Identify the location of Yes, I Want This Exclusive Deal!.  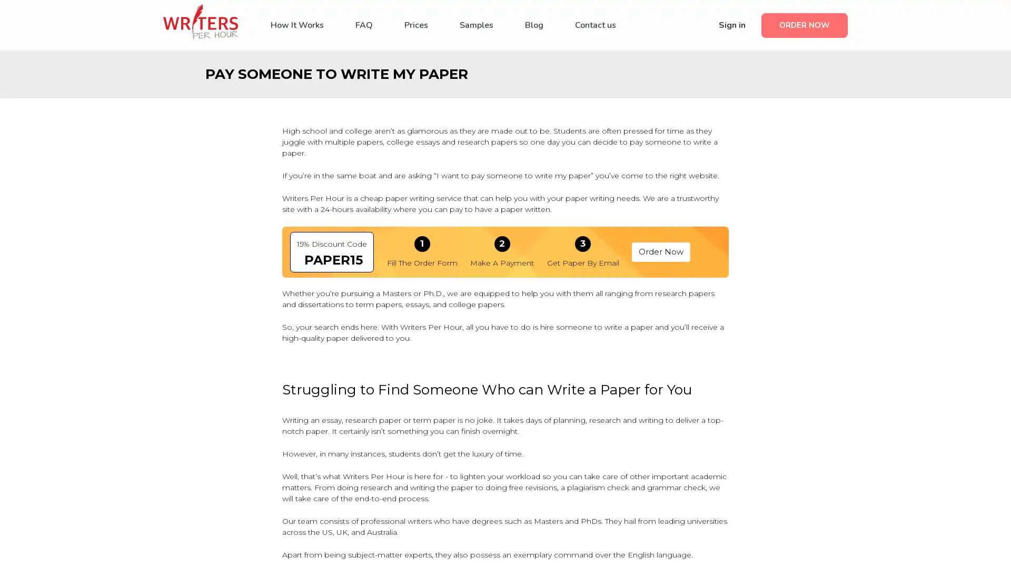
(506, 318).